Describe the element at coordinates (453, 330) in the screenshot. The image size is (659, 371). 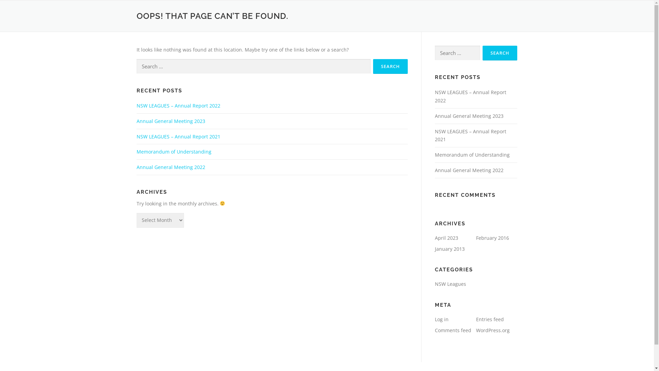
I see `'Comments feed'` at that location.